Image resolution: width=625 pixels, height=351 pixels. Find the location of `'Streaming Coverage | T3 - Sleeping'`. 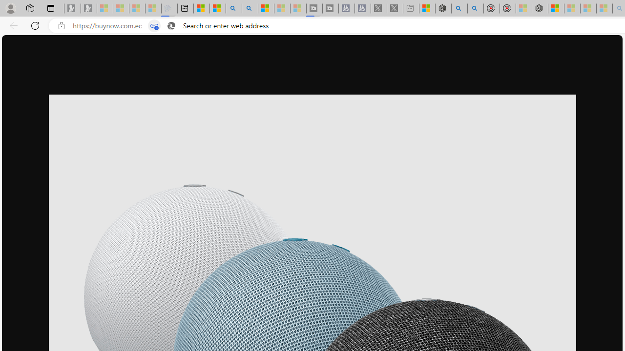

'Streaming Coverage | T3 - Sleeping' is located at coordinates (314, 8).